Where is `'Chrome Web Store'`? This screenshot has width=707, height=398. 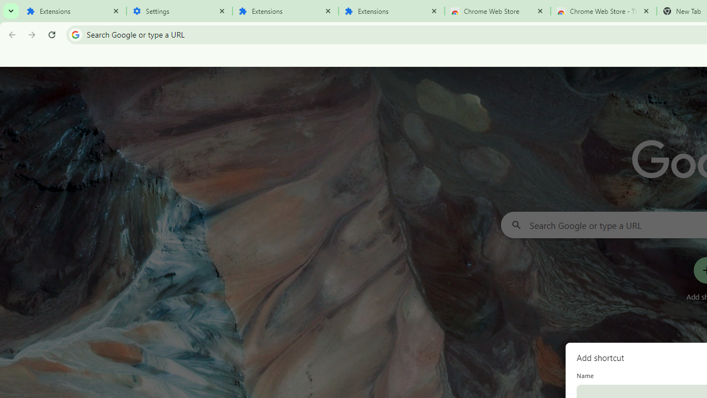
'Chrome Web Store' is located at coordinates (497, 11).